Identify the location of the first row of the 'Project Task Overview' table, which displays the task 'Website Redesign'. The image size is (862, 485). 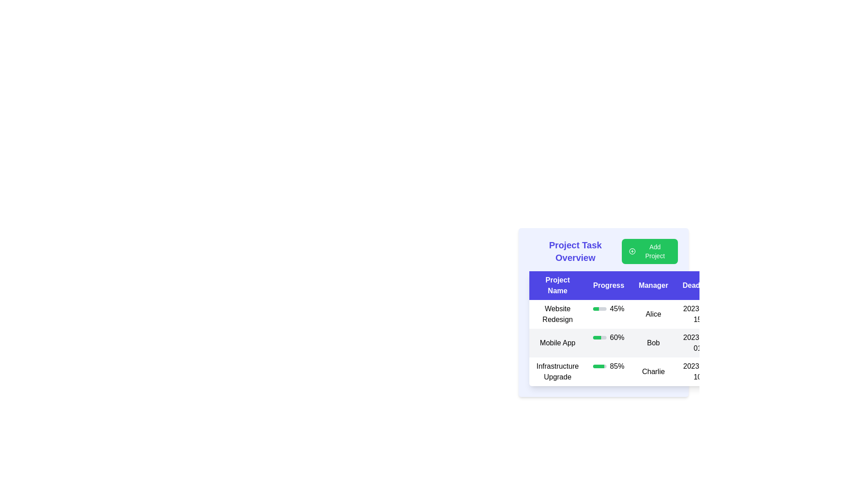
(624, 313).